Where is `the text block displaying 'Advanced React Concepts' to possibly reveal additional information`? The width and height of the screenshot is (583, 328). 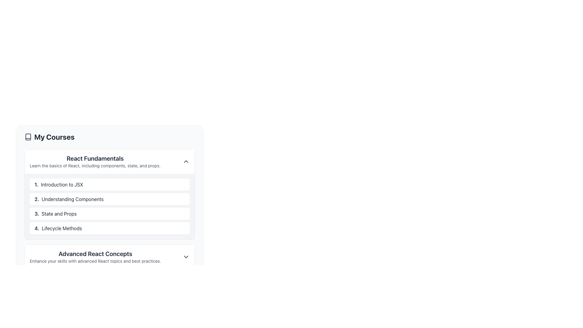
the text block displaying 'Advanced React Concepts' to possibly reveal additional information is located at coordinates (95, 257).